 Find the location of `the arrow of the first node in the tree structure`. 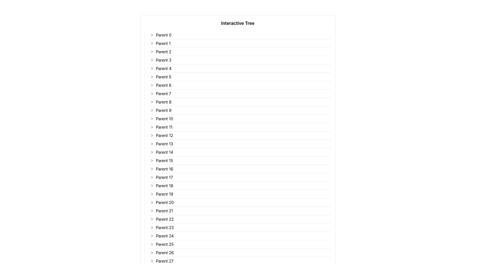

the arrow of the first node in the tree structure is located at coordinates (237, 35).